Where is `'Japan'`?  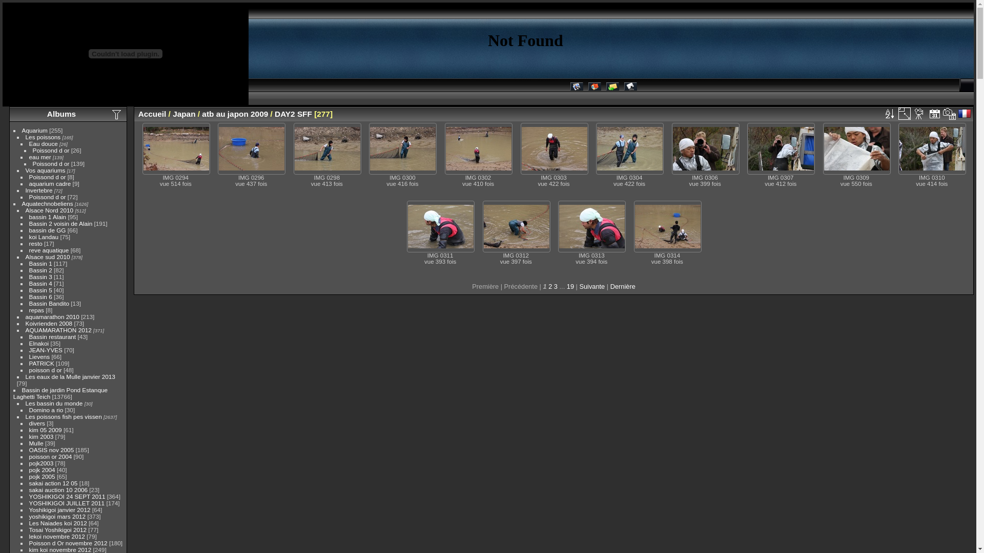
'Japan' is located at coordinates (184, 114).